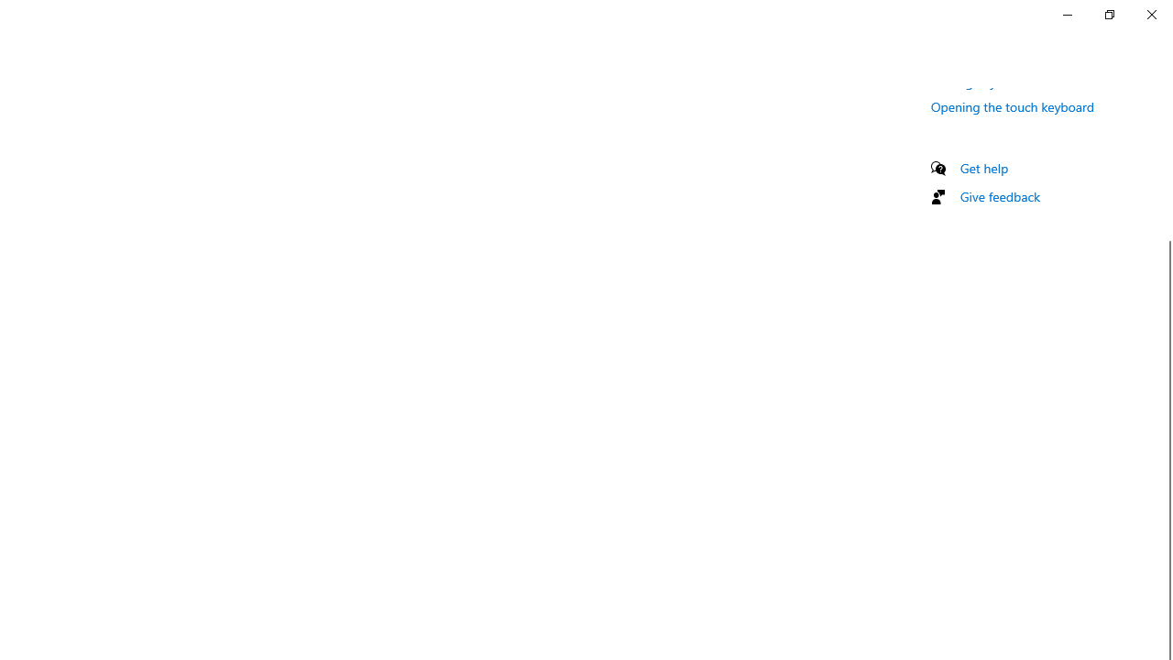 Image resolution: width=1173 pixels, height=660 pixels. I want to click on 'Minimize Settings', so click(1067, 14).